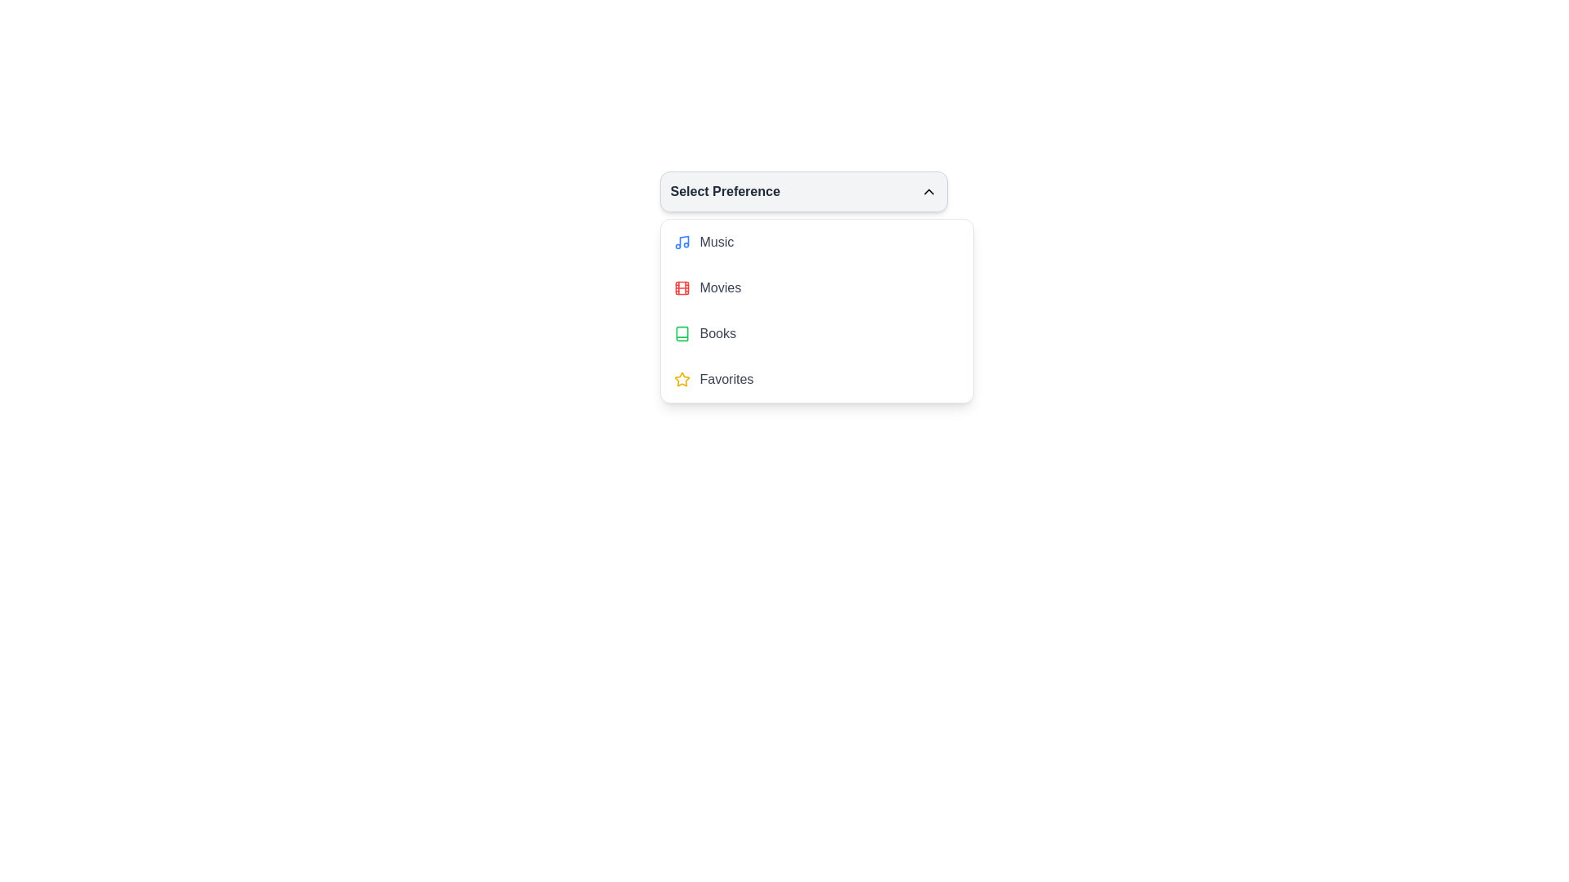  Describe the element at coordinates (682, 379) in the screenshot. I see `the star-shaped icon with a yellow color located near the top region of the dropdown below the 'Select Preference' label` at that location.